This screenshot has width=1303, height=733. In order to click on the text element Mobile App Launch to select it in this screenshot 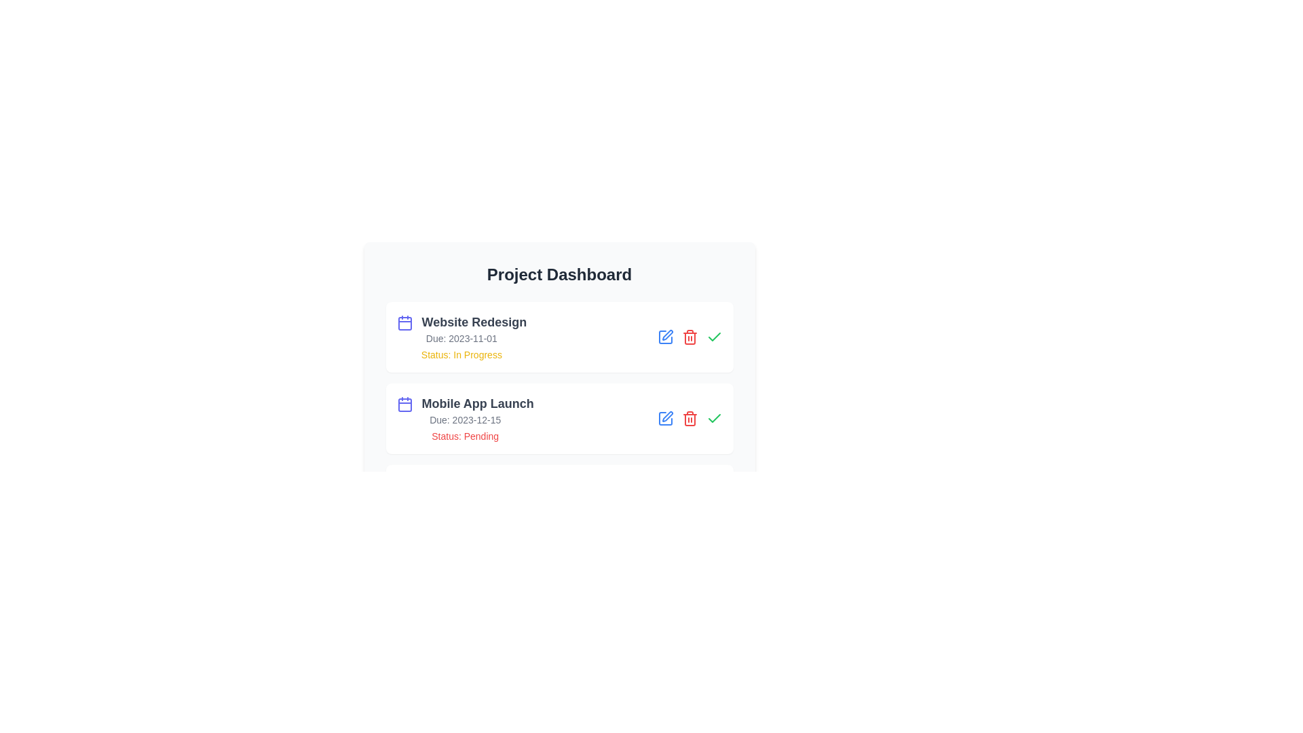, I will do `click(465, 402)`.